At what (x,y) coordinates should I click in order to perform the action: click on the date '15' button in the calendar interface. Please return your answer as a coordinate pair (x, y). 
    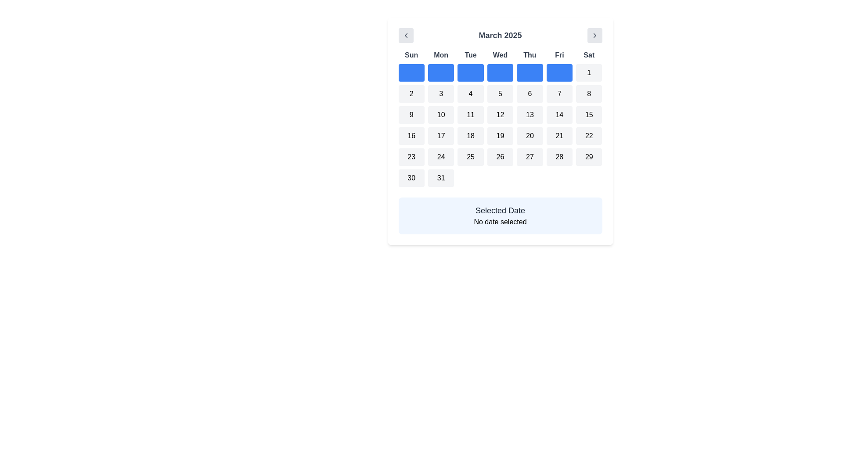
    Looking at the image, I should click on (589, 115).